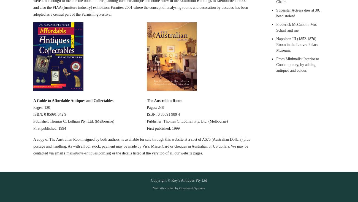 The image size is (358, 202). I want to click on 'From Minimalist Interior to Contemporary, by adding antiques and colour.', so click(297, 64).